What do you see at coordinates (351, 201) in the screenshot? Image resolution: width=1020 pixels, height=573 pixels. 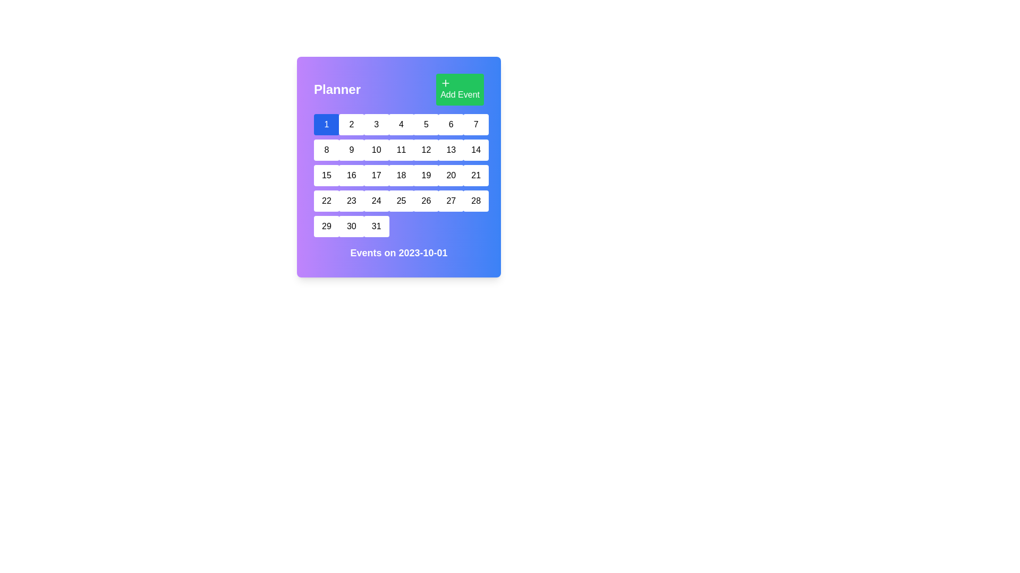 I see `the calendar button representing the 23rd day of the month` at bounding box center [351, 201].